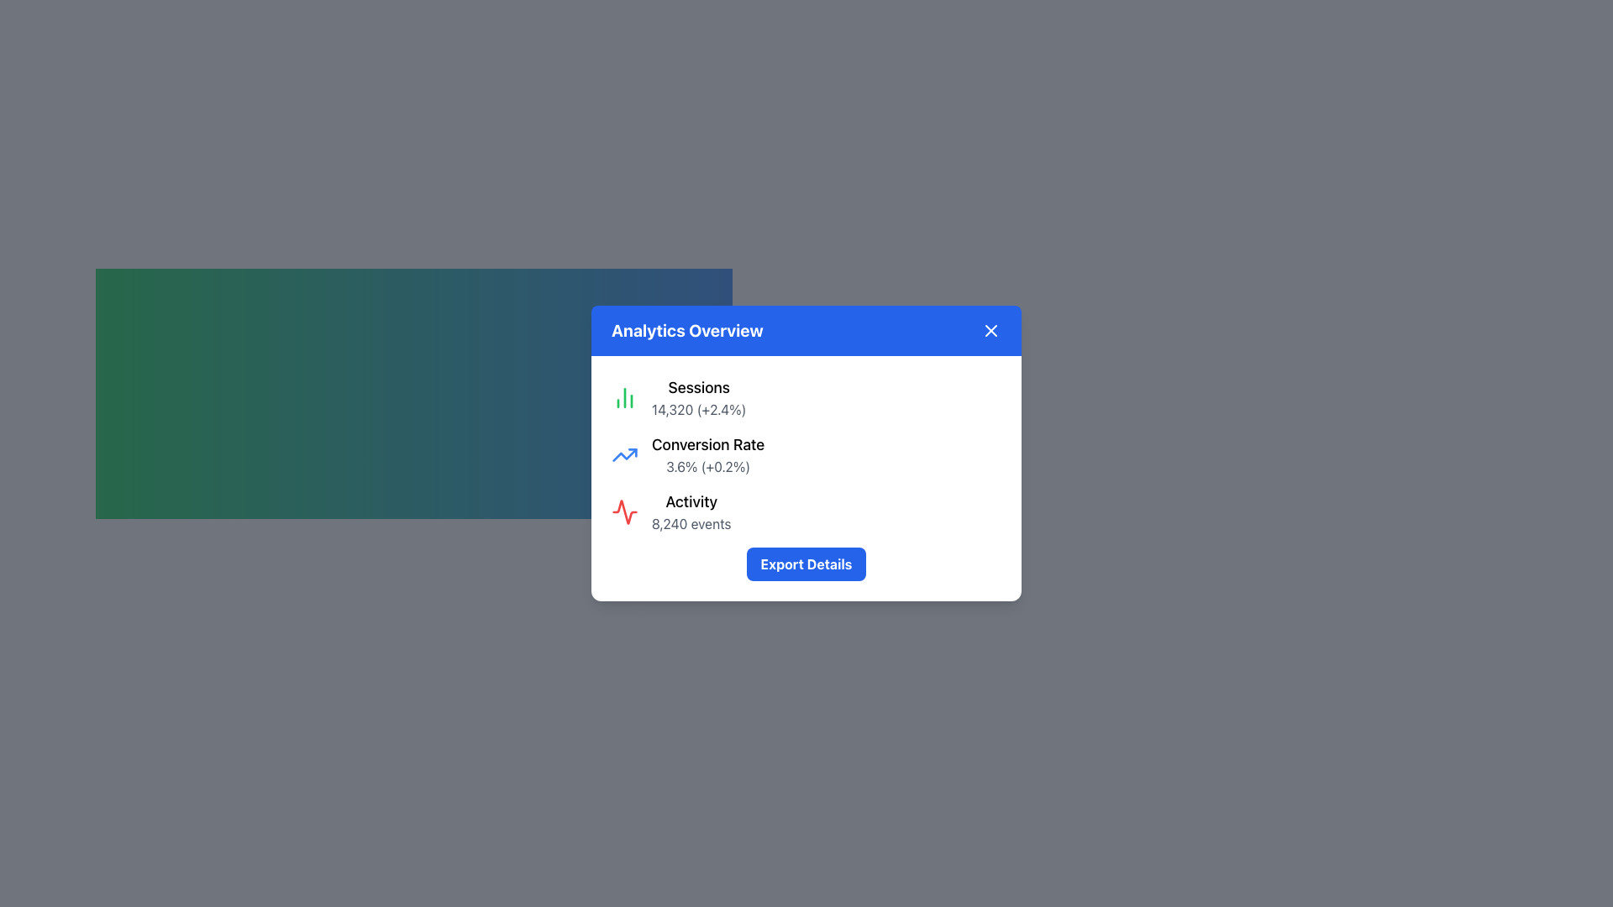 The image size is (1613, 907). What do you see at coordinates (806, 564) in the screenshot?
I see `the blue rectangular button labeled 'Export Details' located at the bottom center of the card to observe the hover effect` at bounding box center [806, 564].